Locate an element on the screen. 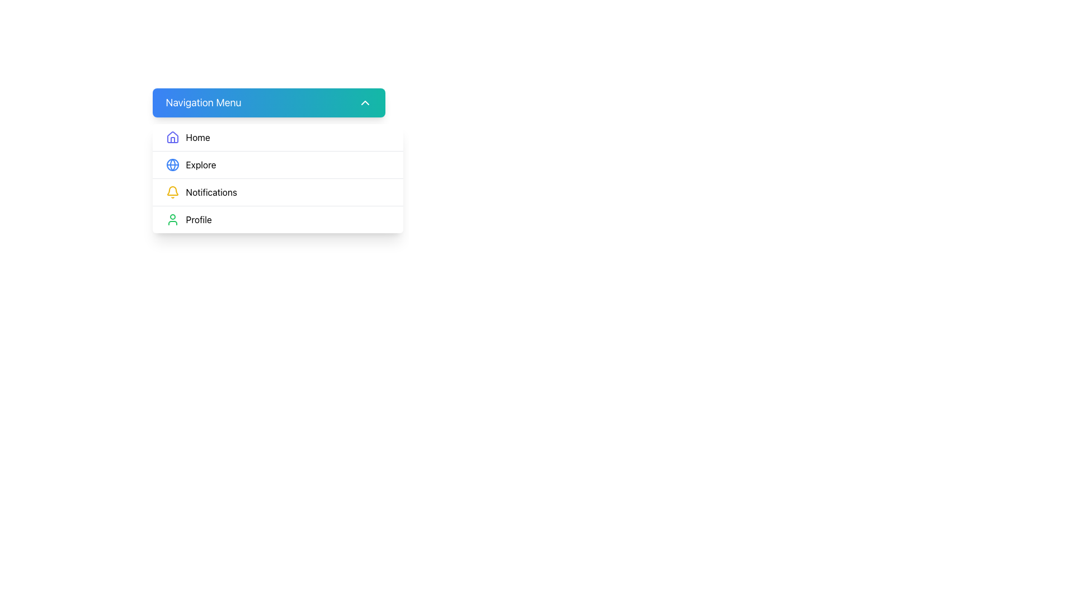  the downward-pointing chevron-shaped arrow icon located at the right end of the navigation menu header is located at coordinates (365, 103).